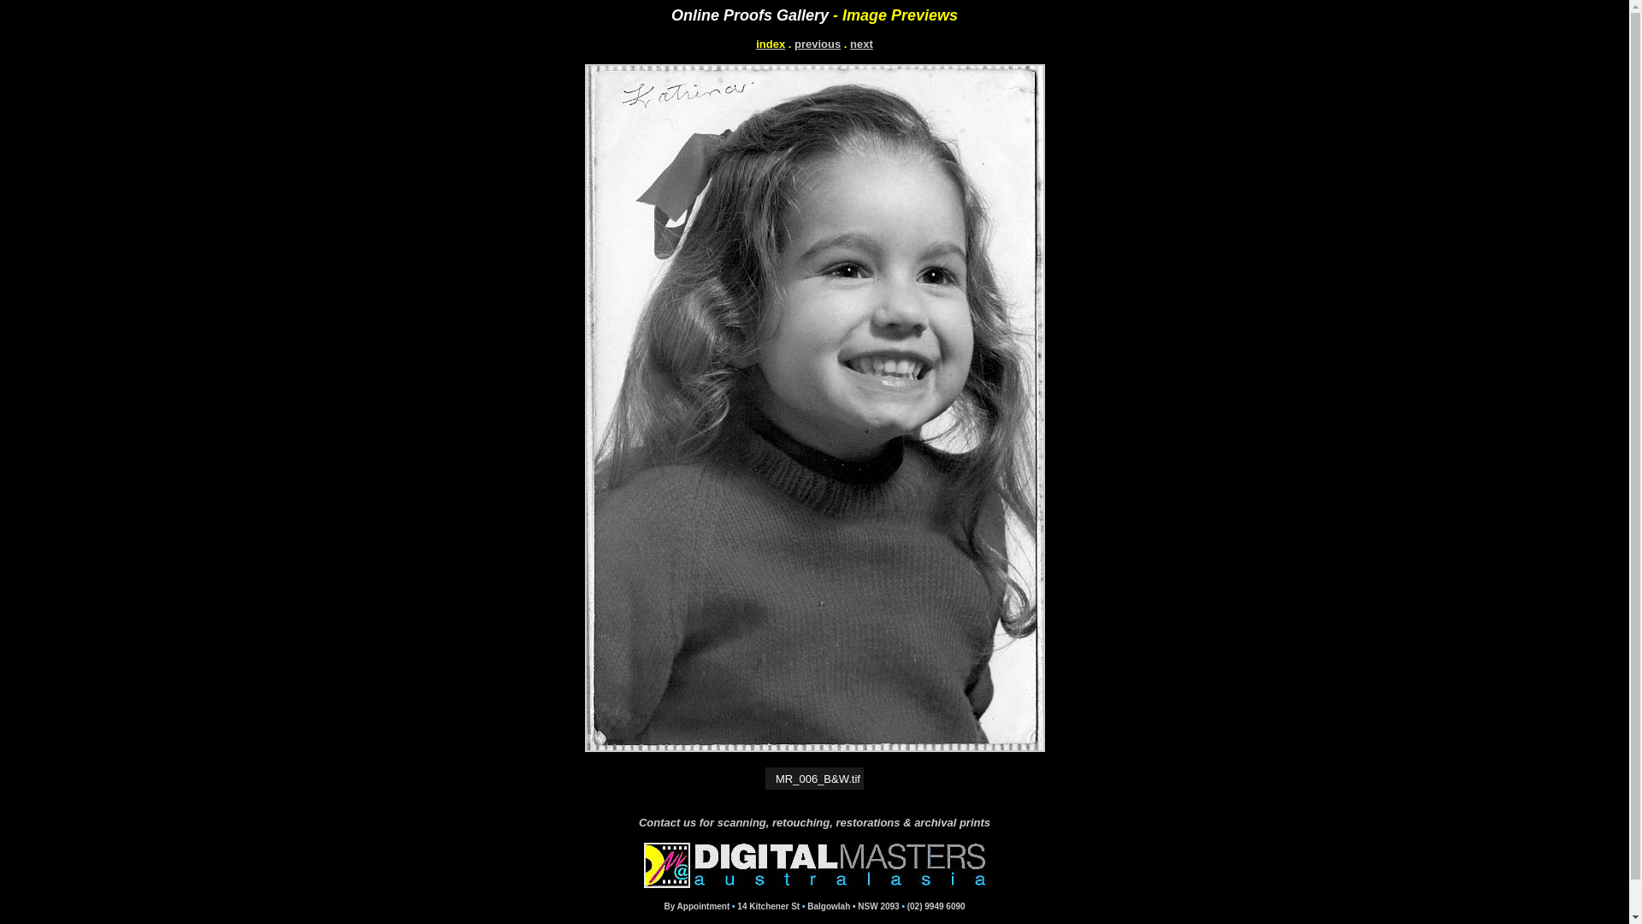 The height and width of the screenshot is (924, 1642). I want to click on 'next', so click(849, 43).